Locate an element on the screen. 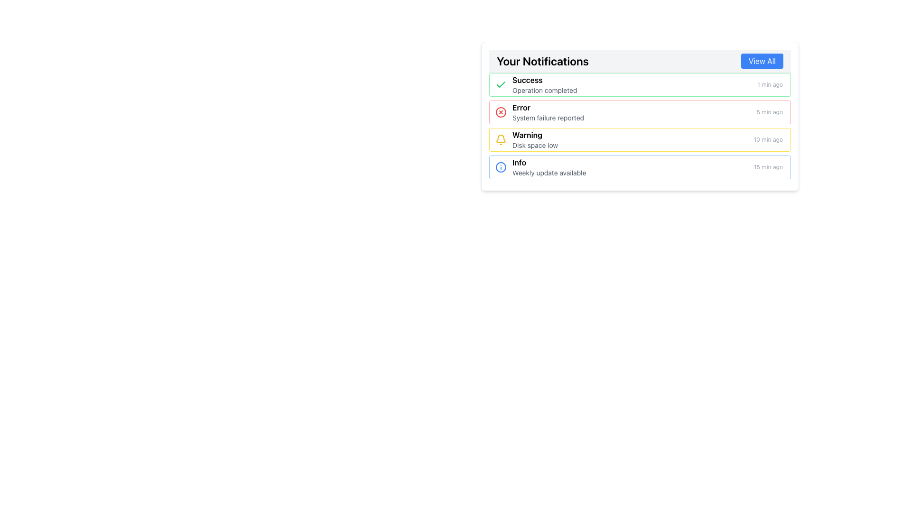 The width and height of the screenshot is (911, 512). the button located in the top-right corner of the 'Your Notifications' bar is located at coordinates (762, 61).